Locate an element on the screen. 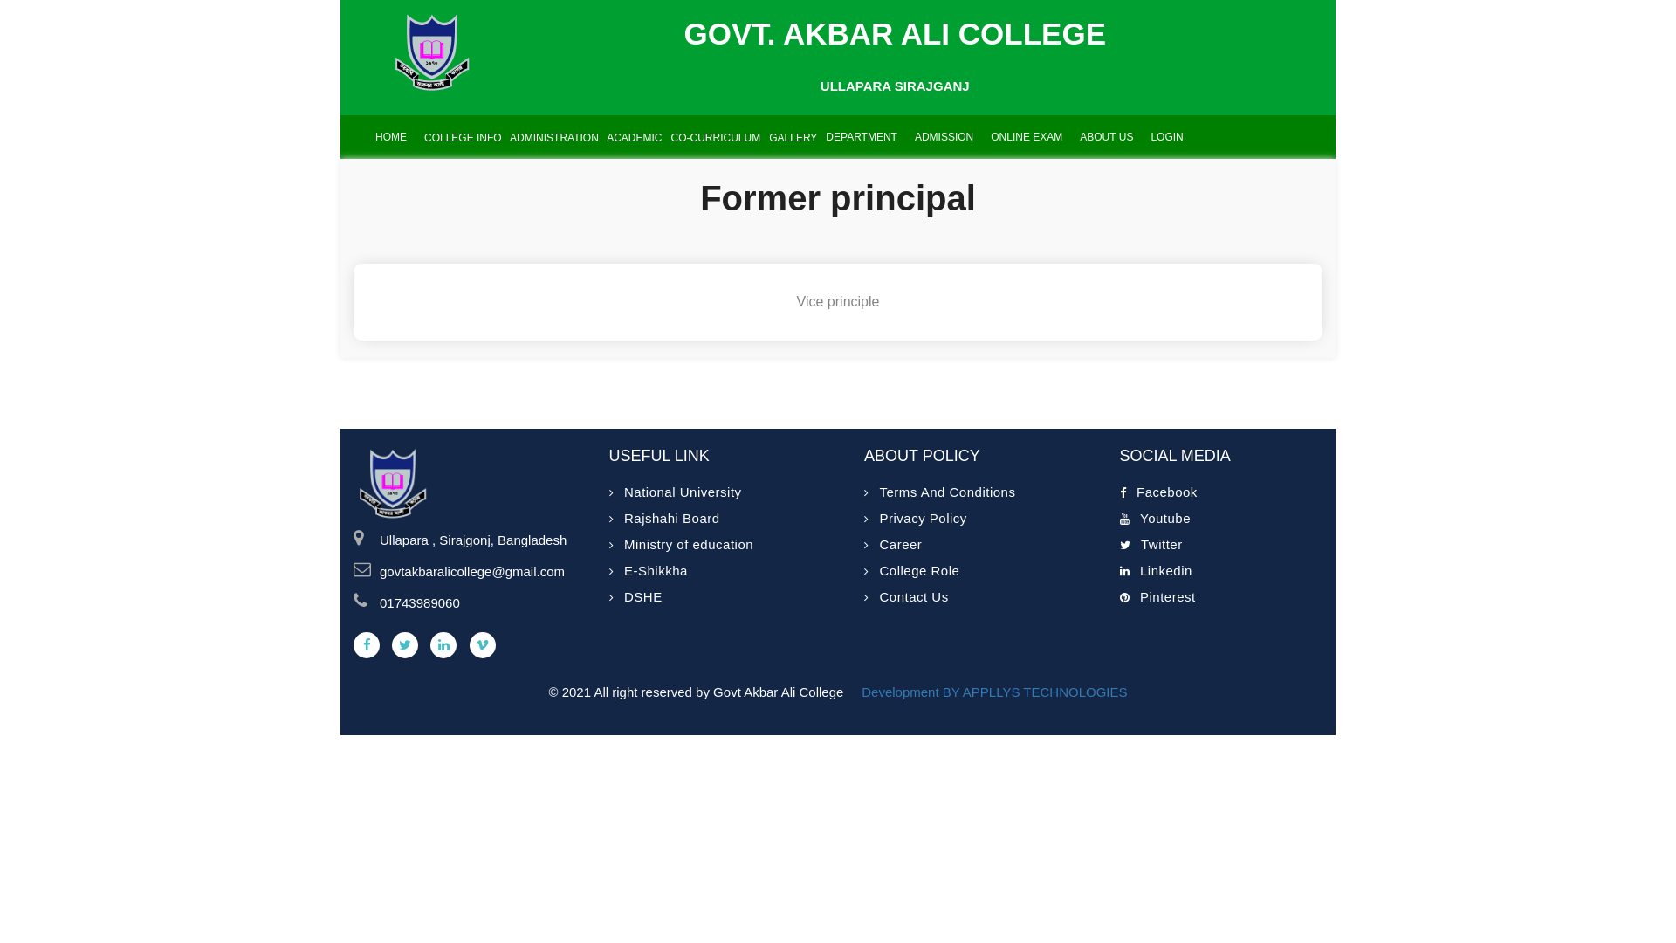  'Youtube' is located at coordinates (1155, 517).